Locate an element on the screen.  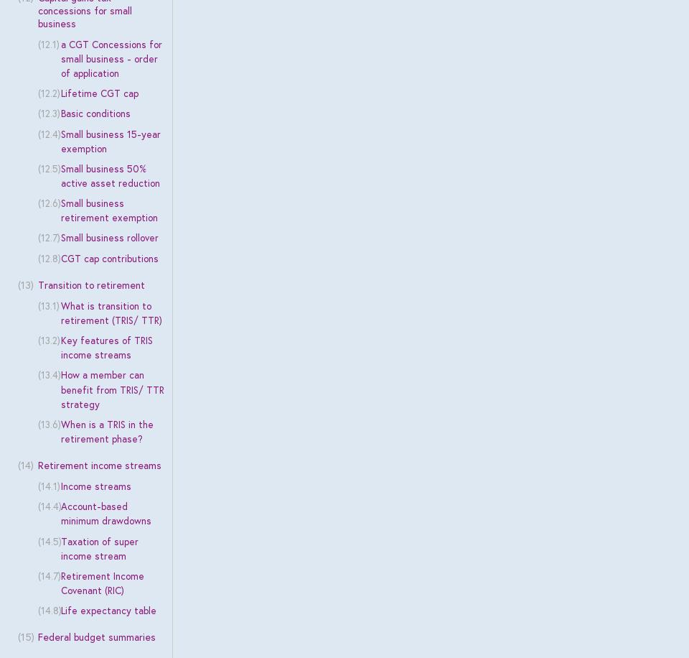
'Account-based minimum drawdowns' is located at coordinates (104, 514).